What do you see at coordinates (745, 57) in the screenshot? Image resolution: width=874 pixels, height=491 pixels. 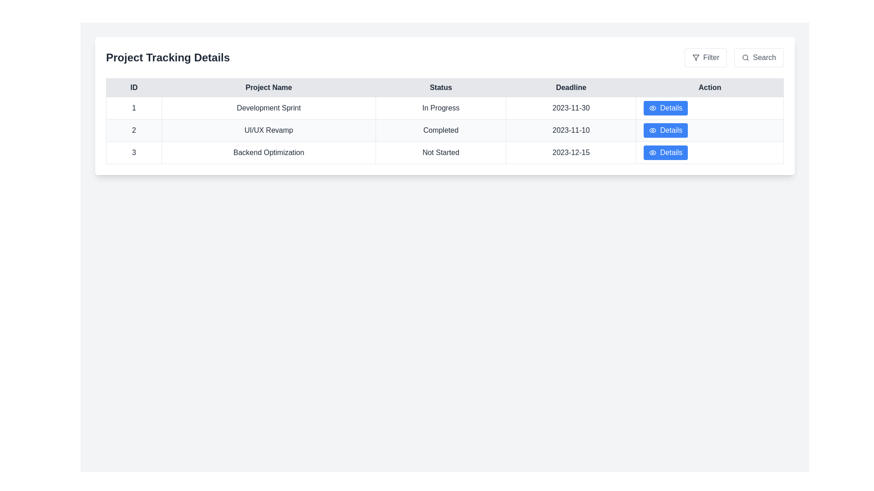 I see `the circular SVG component representing the search button, which symbolizes searching functionality and is positioned near the upper-right corner alongside the filter button` at bounding box center [745, 57].